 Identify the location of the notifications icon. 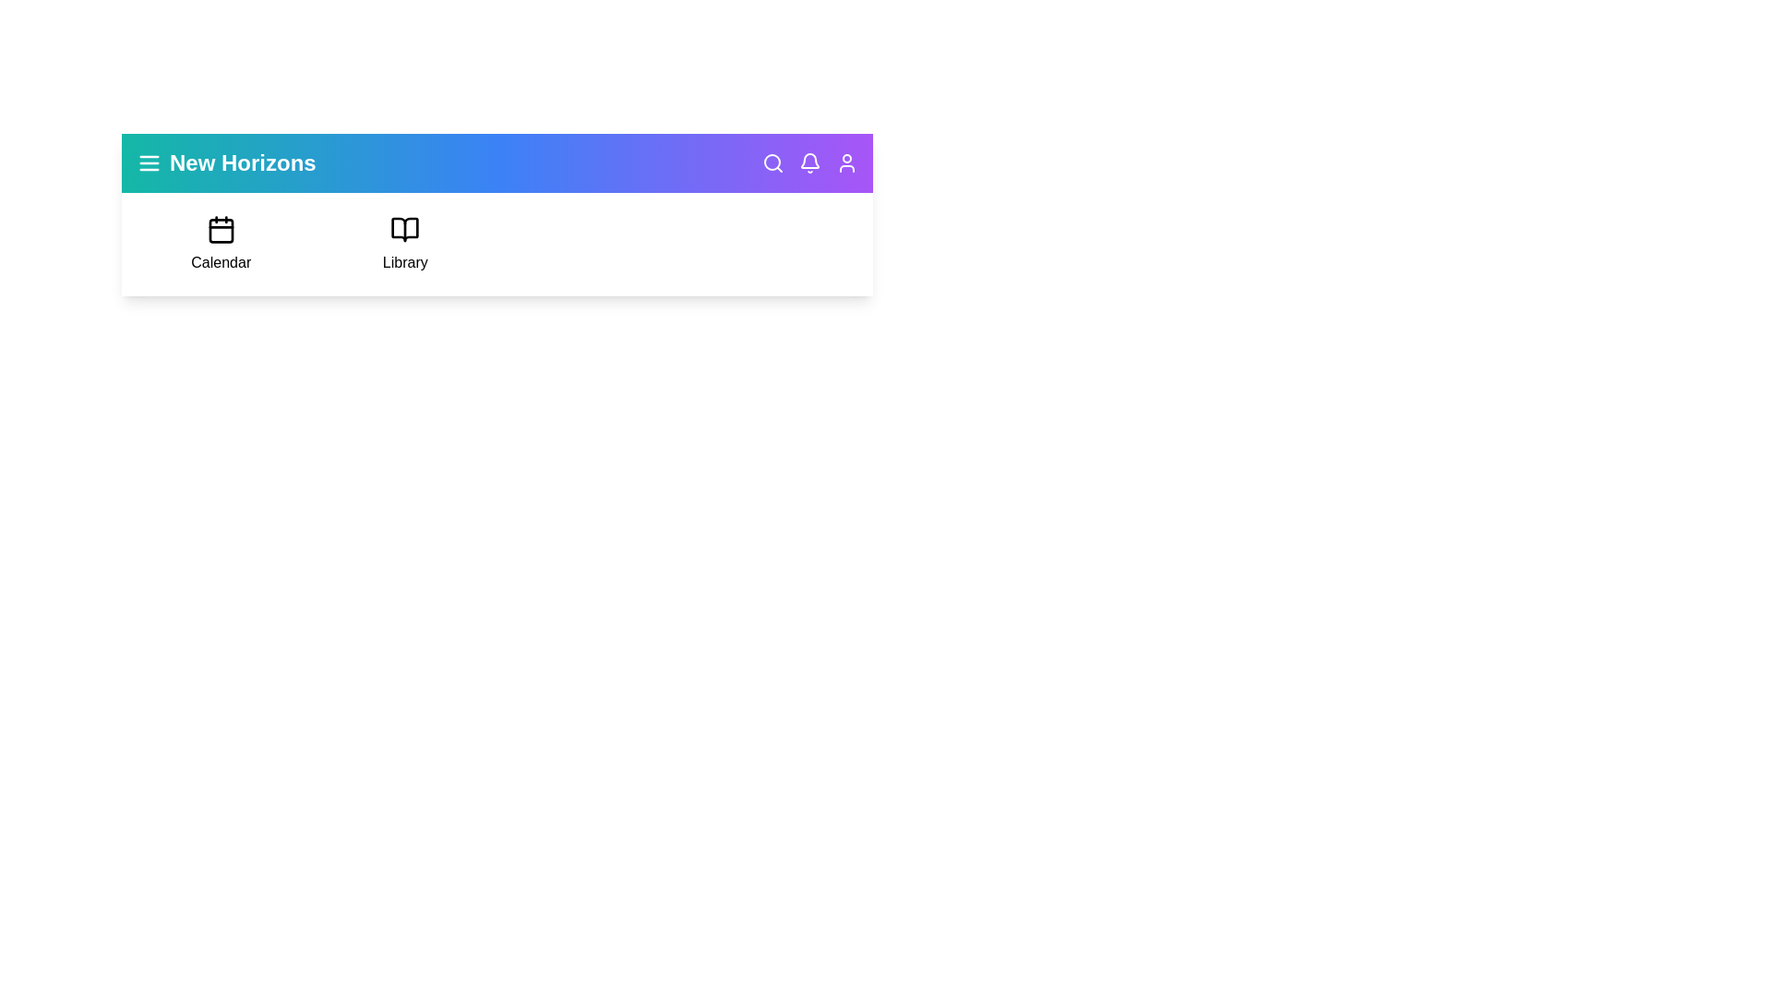
(810, 162).